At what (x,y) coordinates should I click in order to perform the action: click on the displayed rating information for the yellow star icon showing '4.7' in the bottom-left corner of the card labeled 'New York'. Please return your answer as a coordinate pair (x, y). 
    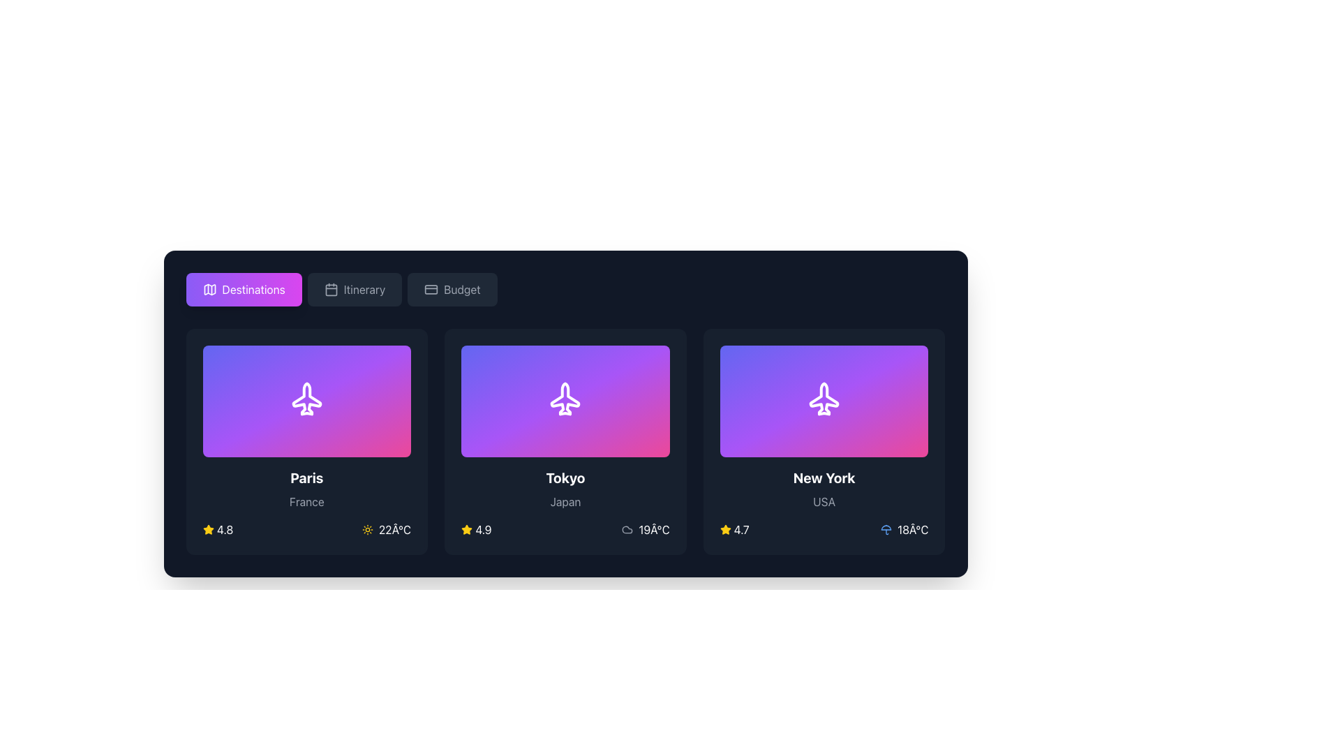
    Looking at the image, I should click on (734, 530).